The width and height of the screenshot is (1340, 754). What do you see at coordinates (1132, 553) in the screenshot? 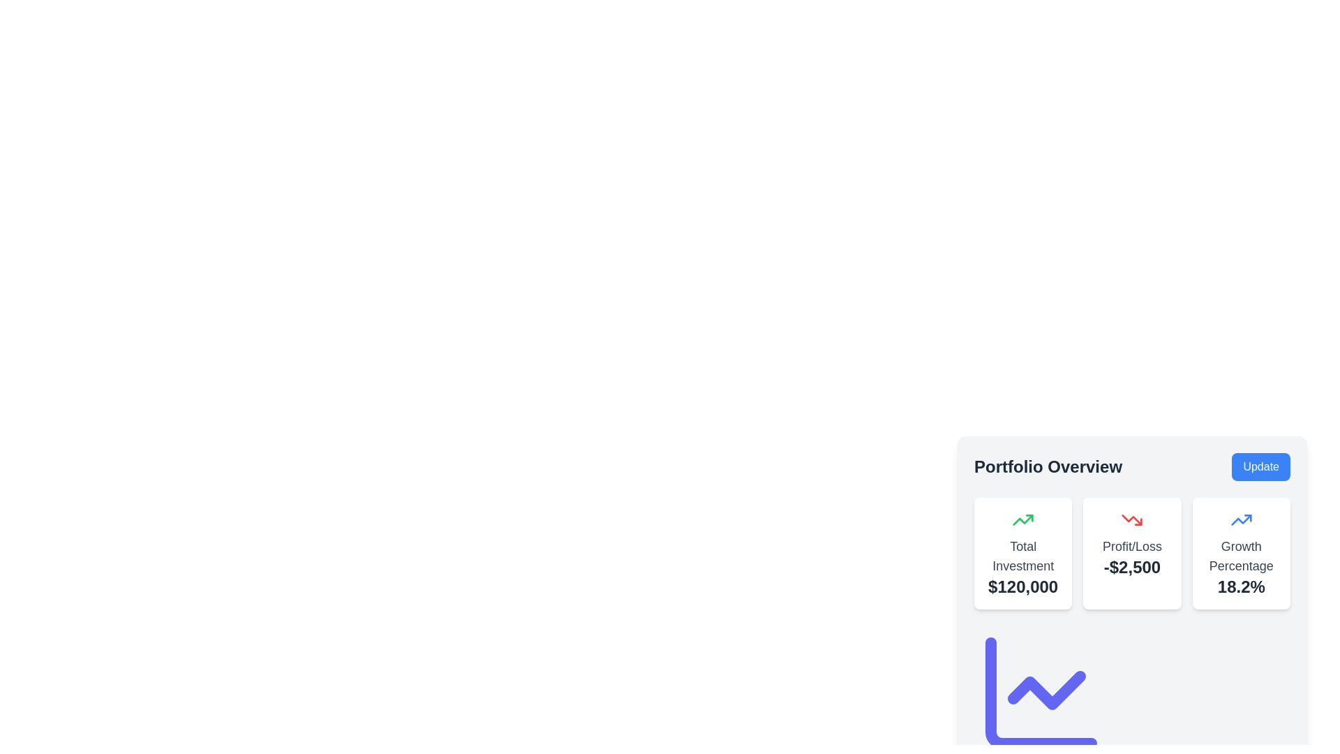
I see `the financial performance card that displays the profit or loss of a portfolio, located in the middle column of the grid layout, flanked by the 'Total Investment' card on the left and the 'Growth Percentage' card on the right` at bounding box center [1132, 553].